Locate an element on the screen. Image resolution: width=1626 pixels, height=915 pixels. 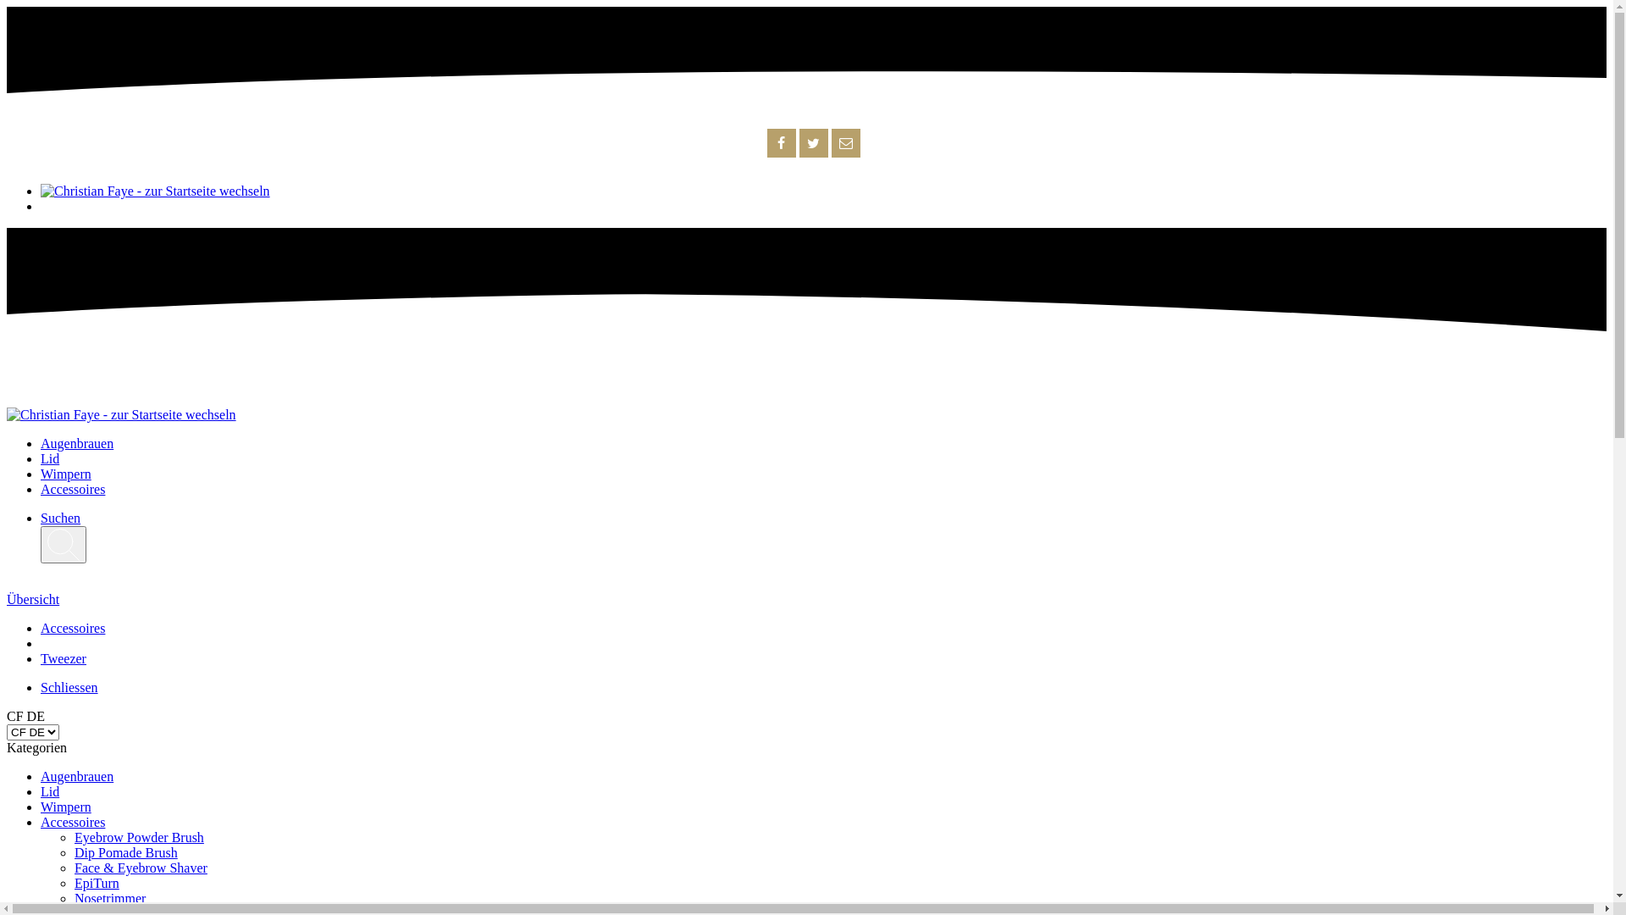
'Suchen' is located at coordinates (60, 517).